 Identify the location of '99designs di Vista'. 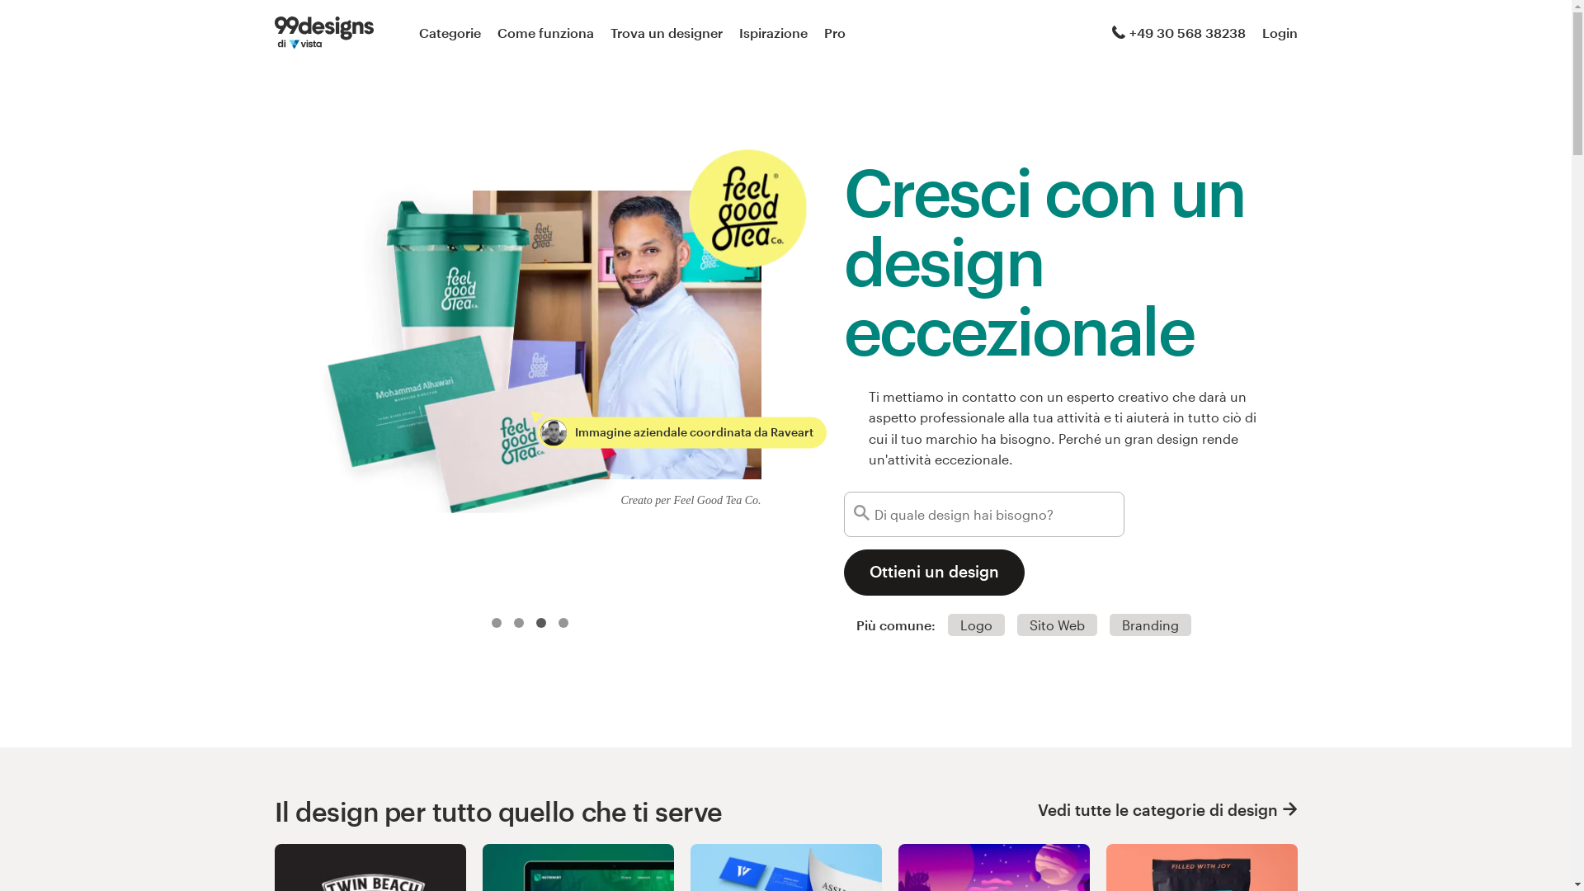
(323, 32).